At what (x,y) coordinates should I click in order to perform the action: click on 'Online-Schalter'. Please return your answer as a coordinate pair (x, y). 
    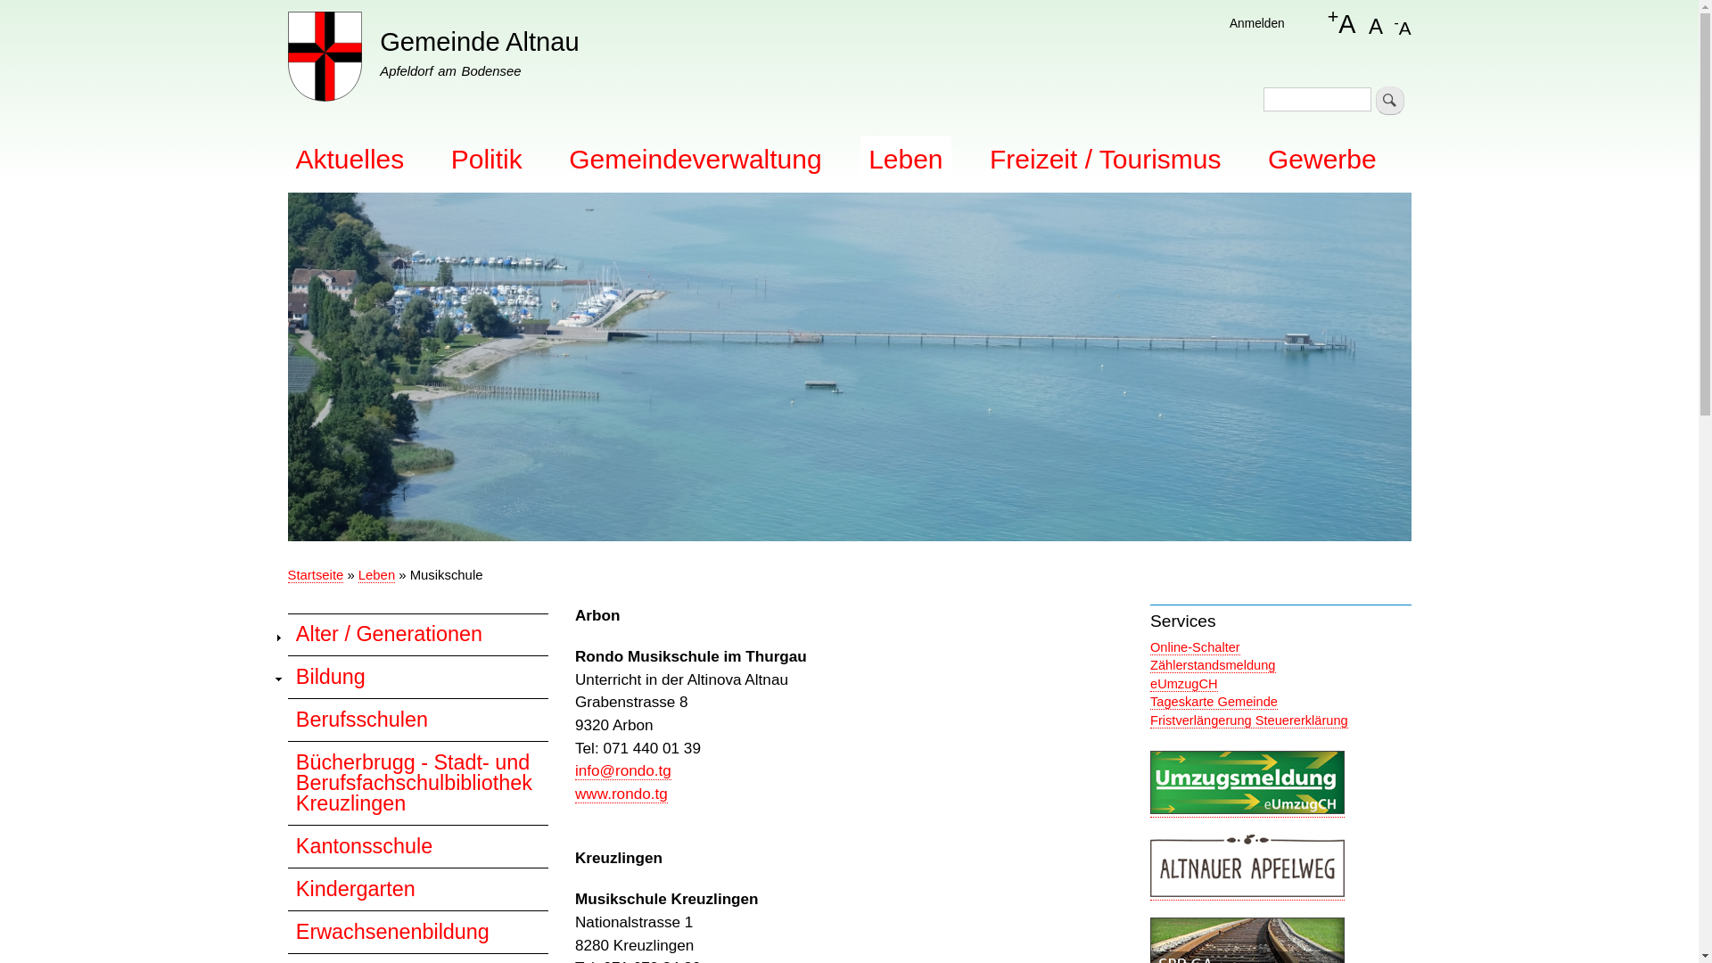
    Looking at the image, I should click on (1195, 647).